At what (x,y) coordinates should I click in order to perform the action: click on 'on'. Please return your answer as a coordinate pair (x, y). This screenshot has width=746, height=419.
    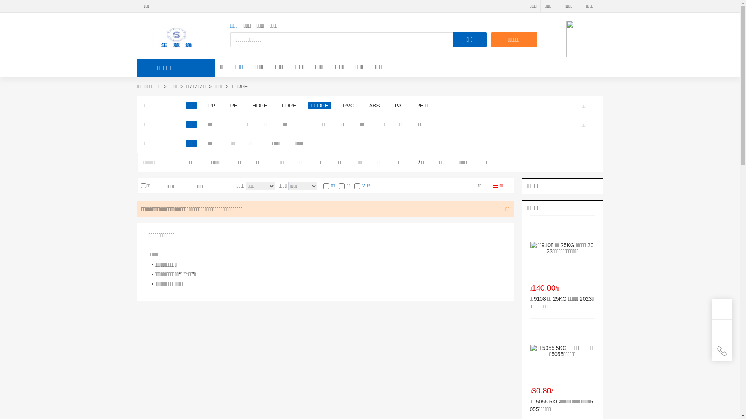
    Looking at the image, I should click on (326, 186).